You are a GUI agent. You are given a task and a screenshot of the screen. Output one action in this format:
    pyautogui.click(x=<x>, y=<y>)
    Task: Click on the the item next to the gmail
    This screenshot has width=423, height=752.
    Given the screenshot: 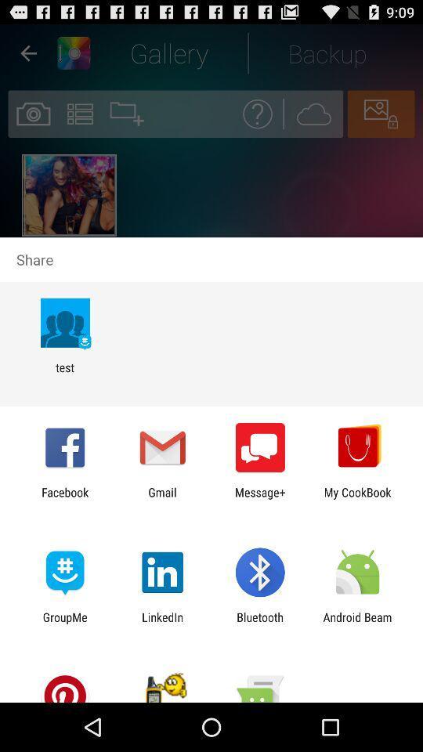 What is the action you would take?
    pyautogui.click(x=64, y=498)
    